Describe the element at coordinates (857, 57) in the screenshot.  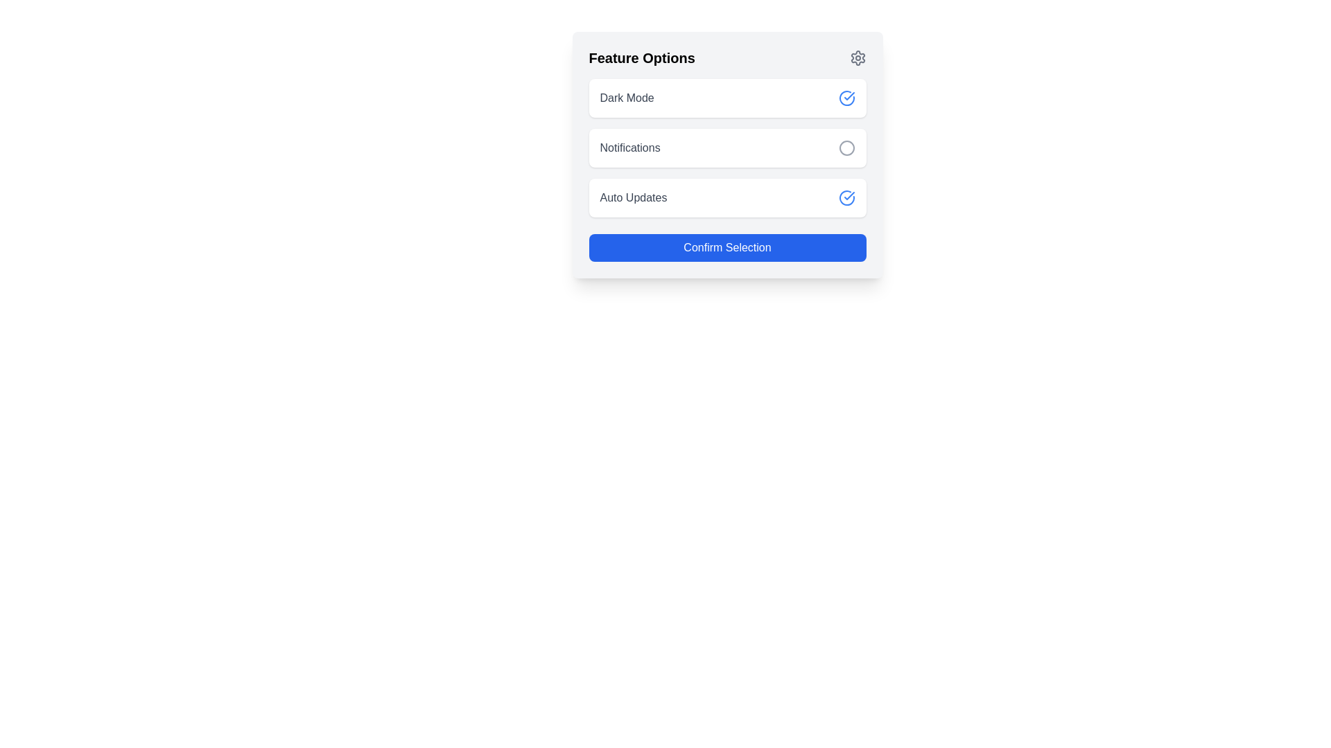
I see `the settings icon resembling a gray cogwheel located at the top-right corner of the 'Feature Options' section` at that location.